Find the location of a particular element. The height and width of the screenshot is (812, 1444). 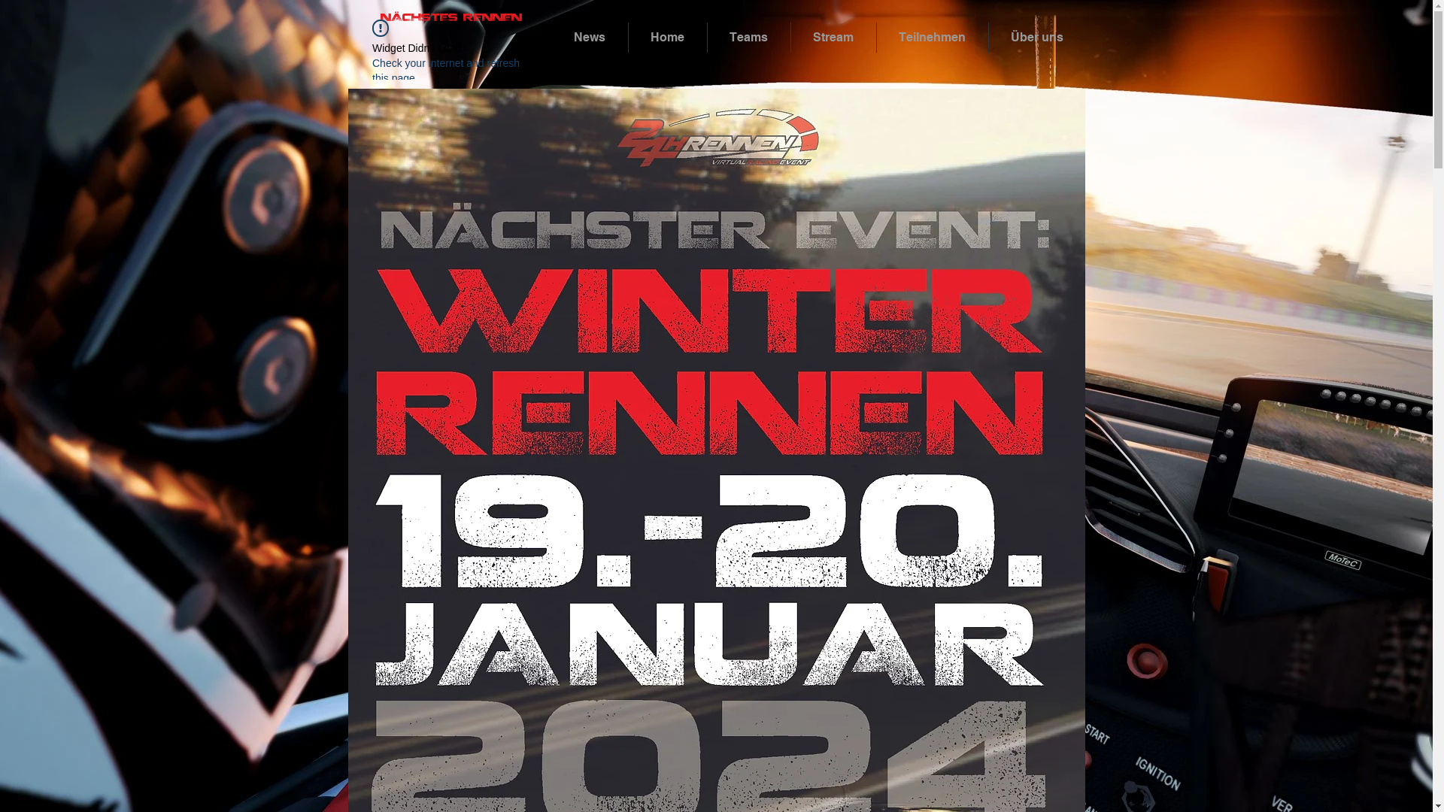

'Teilnehmen' is located at coordinates (877, 37).